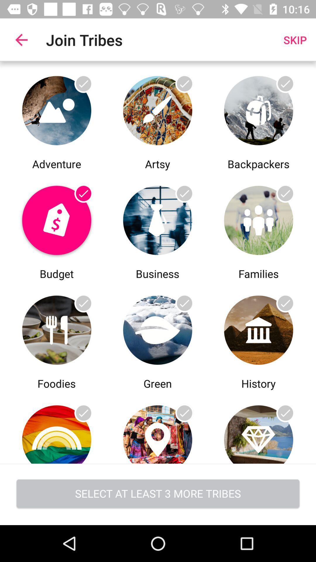 The width and height of the screenshot is (316, 562). I want to click on option, so click(56, 218).